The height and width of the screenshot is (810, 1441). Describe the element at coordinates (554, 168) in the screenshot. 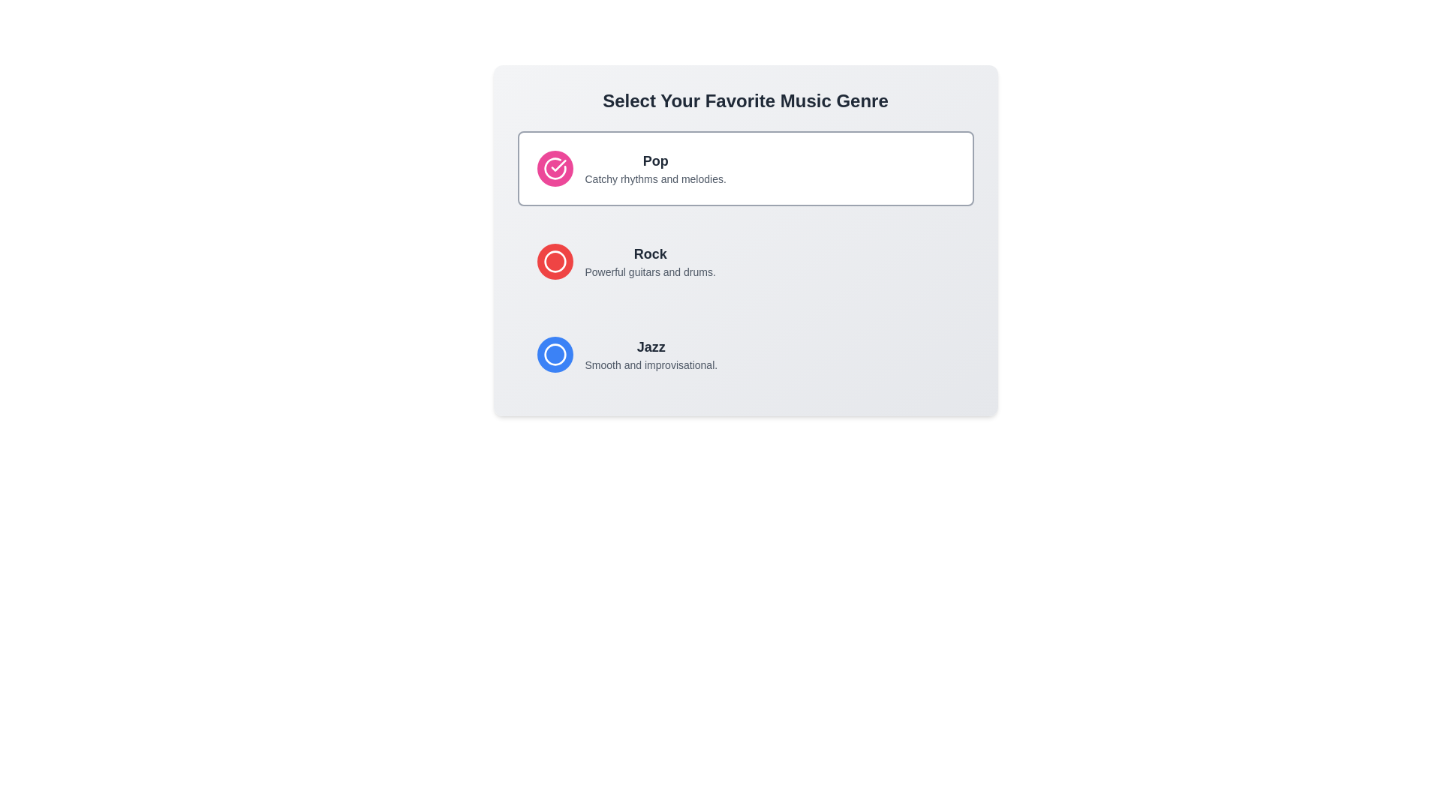

I see `the Circular selection icon that indicates the 'Pop' genre to confirm the selection` at that location.